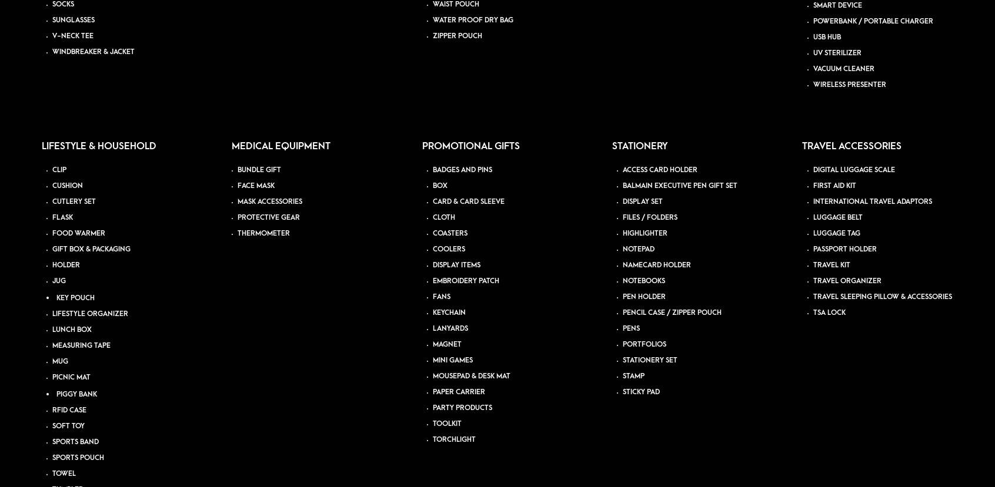 The width and height of the screenshot is (995, 487). What do you see at coordinates (963, 215) in the screenshot?
I see `'PDPA'` at bounding box center [963, 215].